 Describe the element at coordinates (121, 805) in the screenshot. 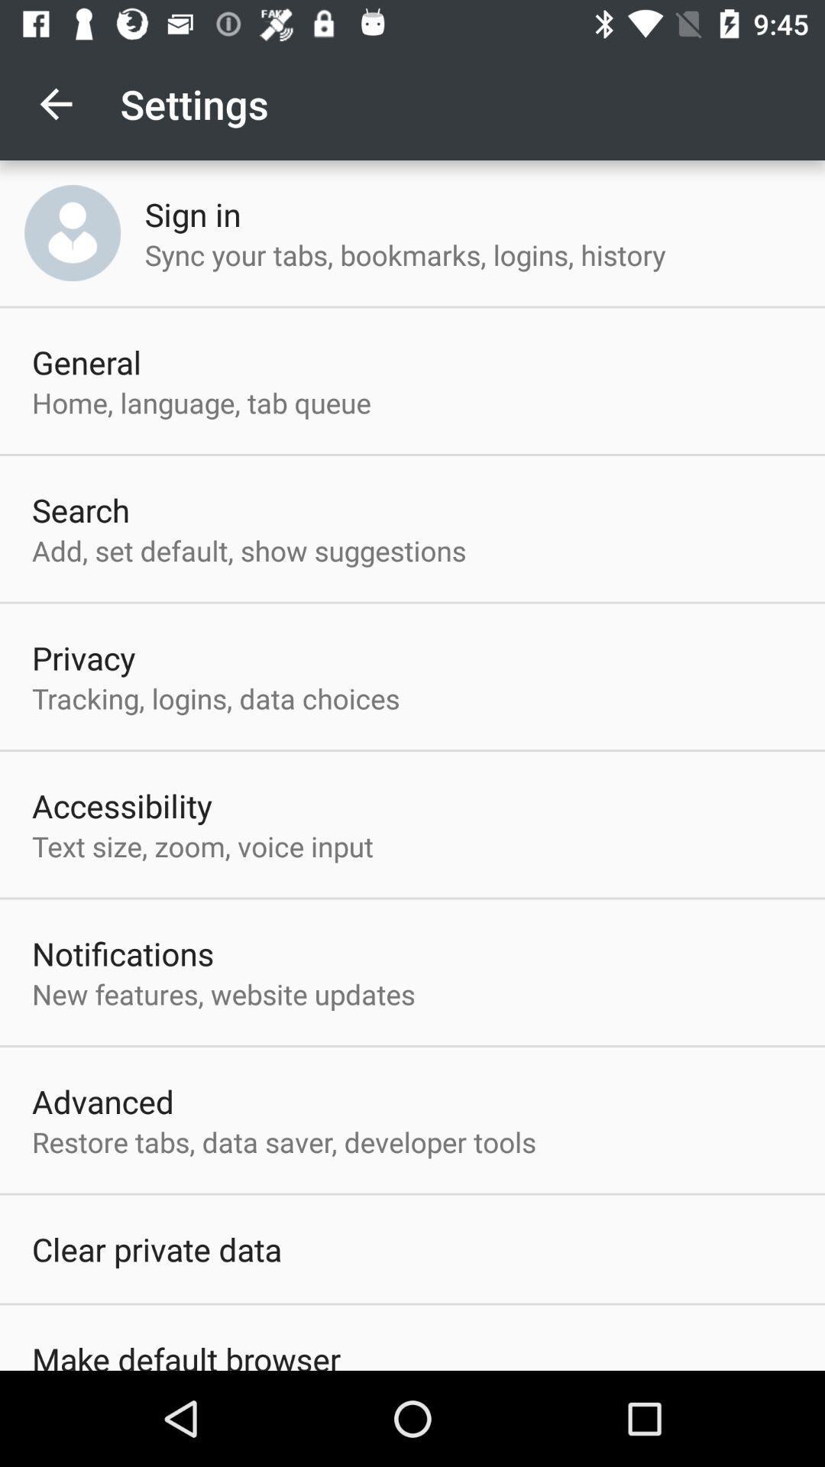

I see `icon below the tracking logins data icon` at that location.